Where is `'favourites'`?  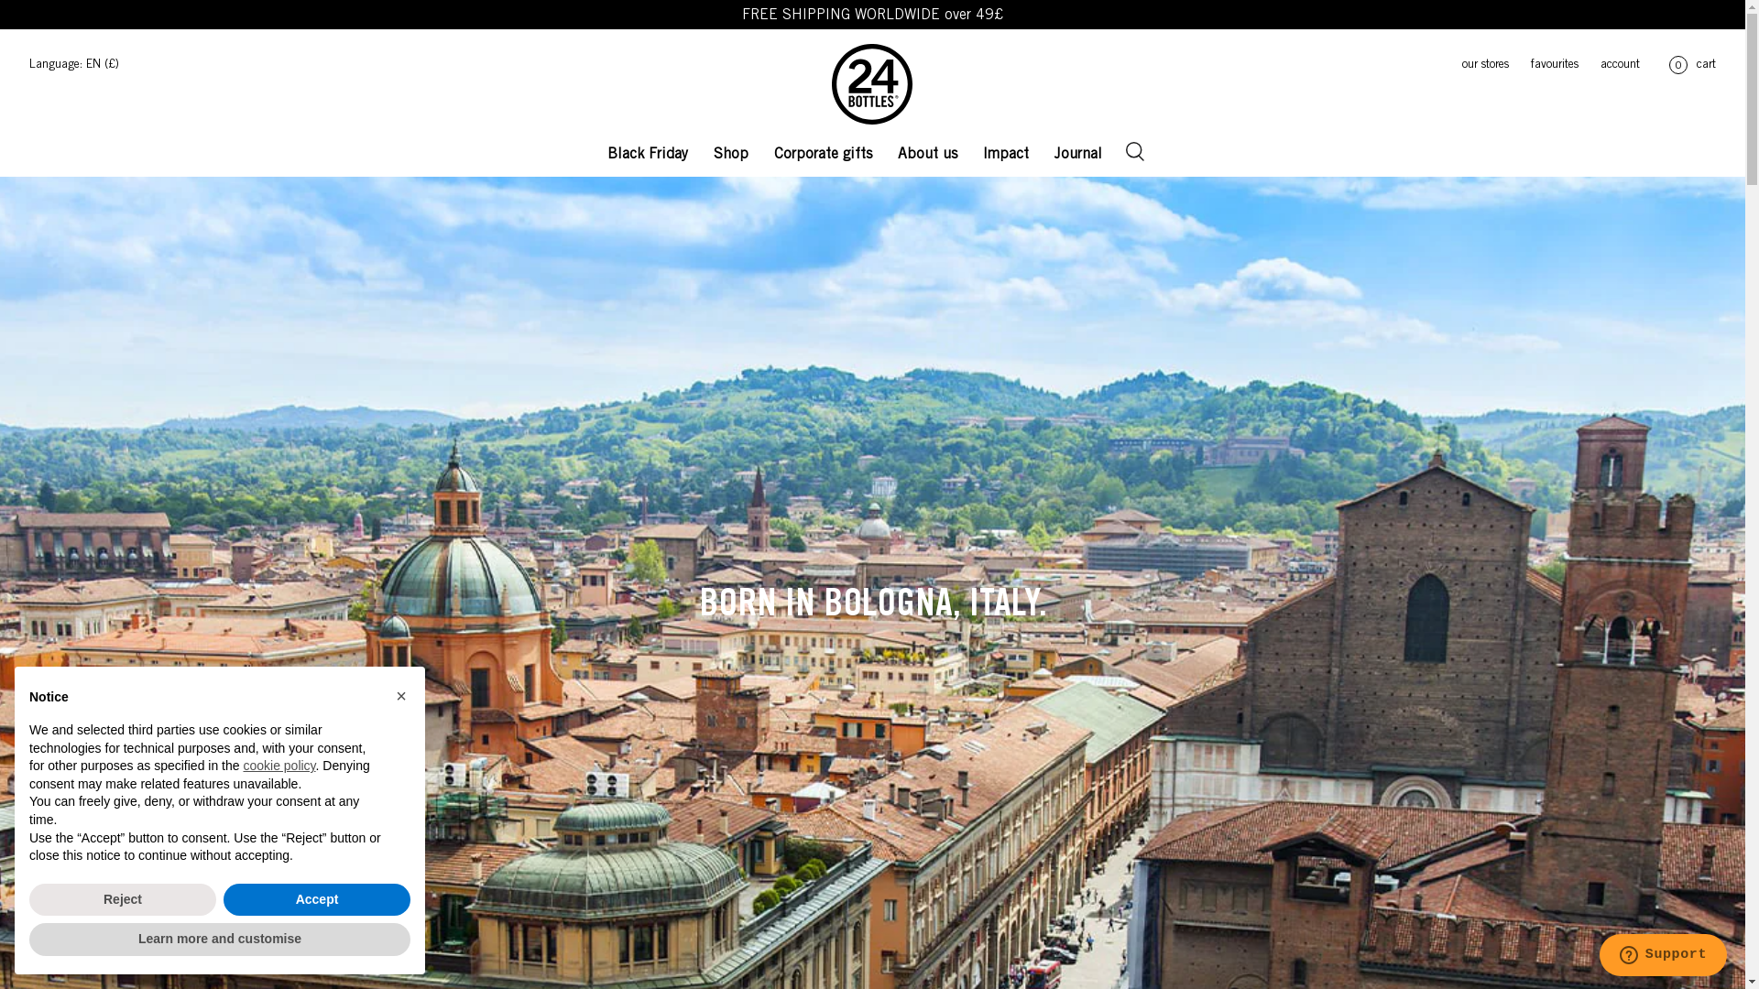
'favourites' is located at coordinates (1508, 65).